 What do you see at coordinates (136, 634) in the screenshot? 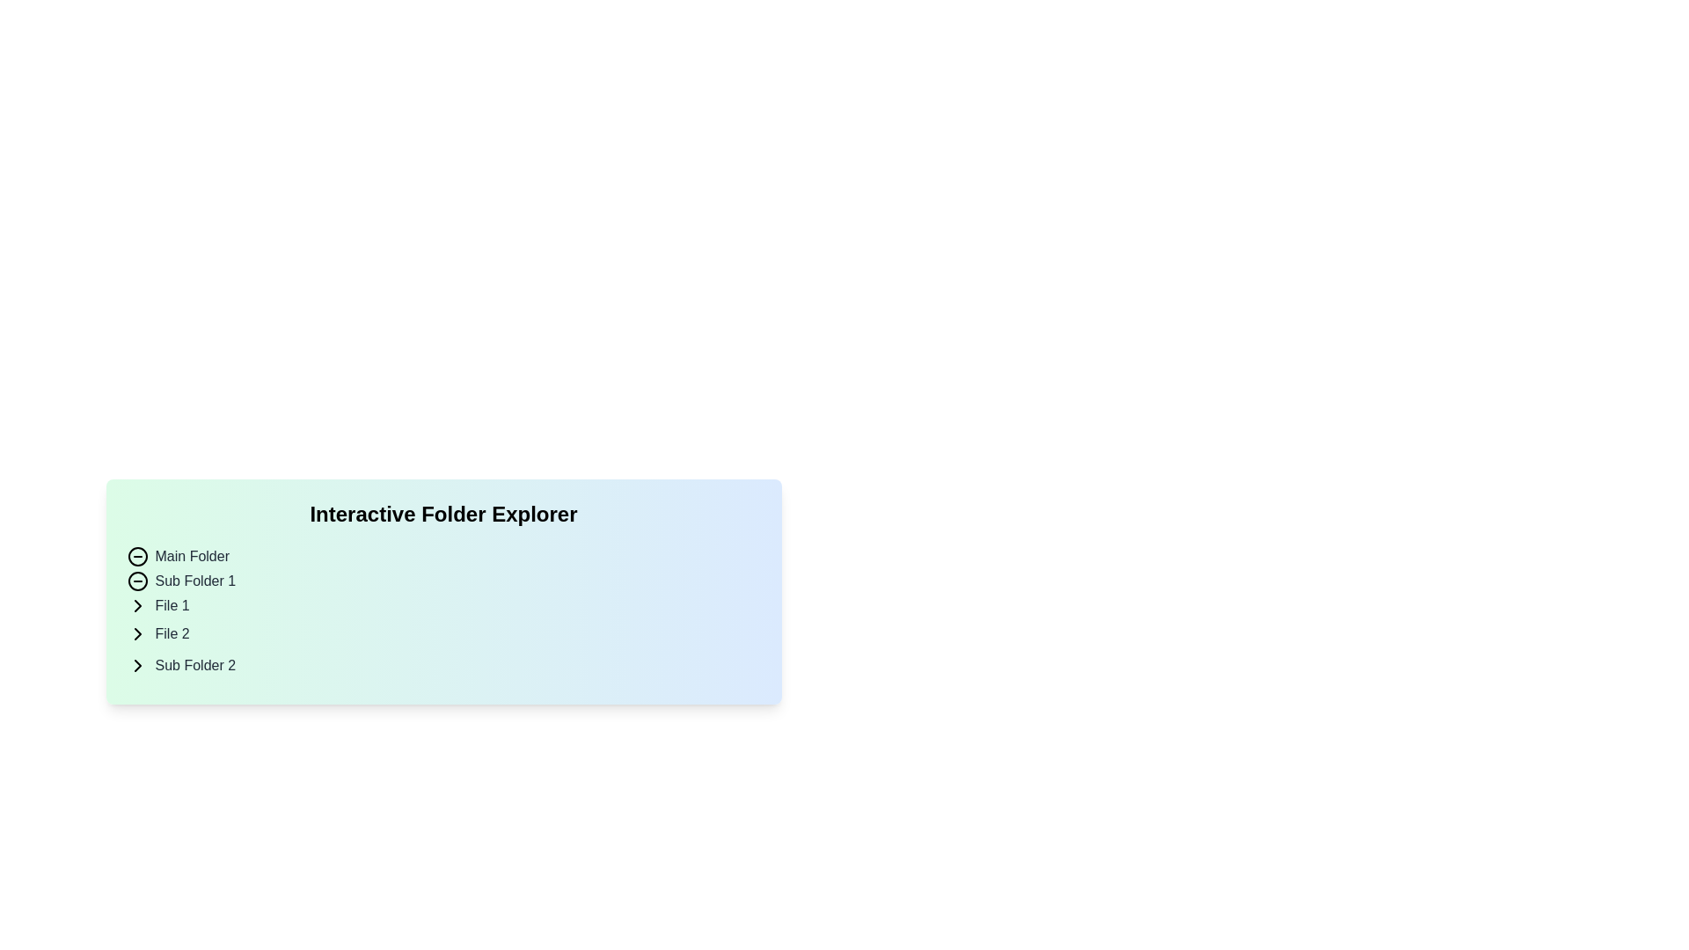
I see `the right-facing chevron icon with a thin black outline located to the left of the label 'File 2' to indicate interactivity` at bounding box center [136, 634].